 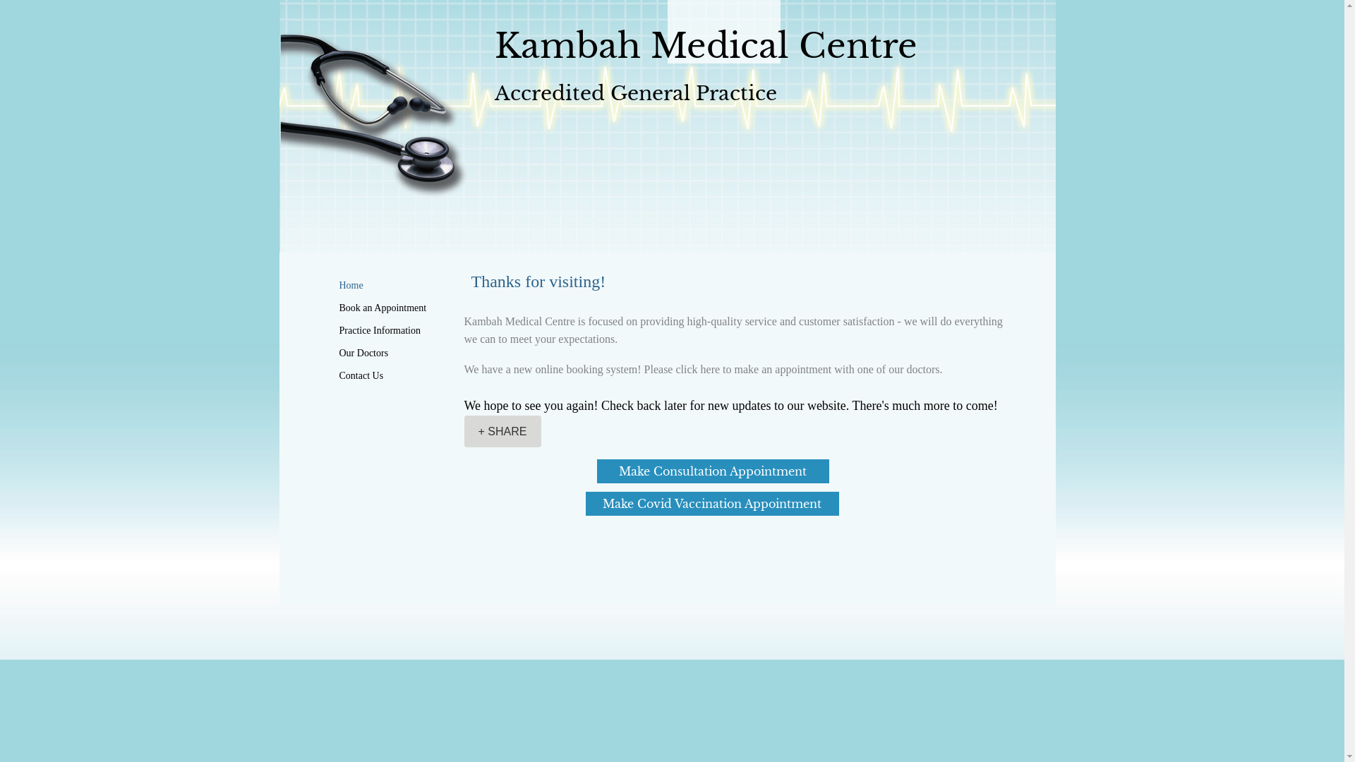 What do you see at coordinates (713, 471) in the screenshot?
I see `'Make Consultation Appointment'` at bounding box center [713, 471].